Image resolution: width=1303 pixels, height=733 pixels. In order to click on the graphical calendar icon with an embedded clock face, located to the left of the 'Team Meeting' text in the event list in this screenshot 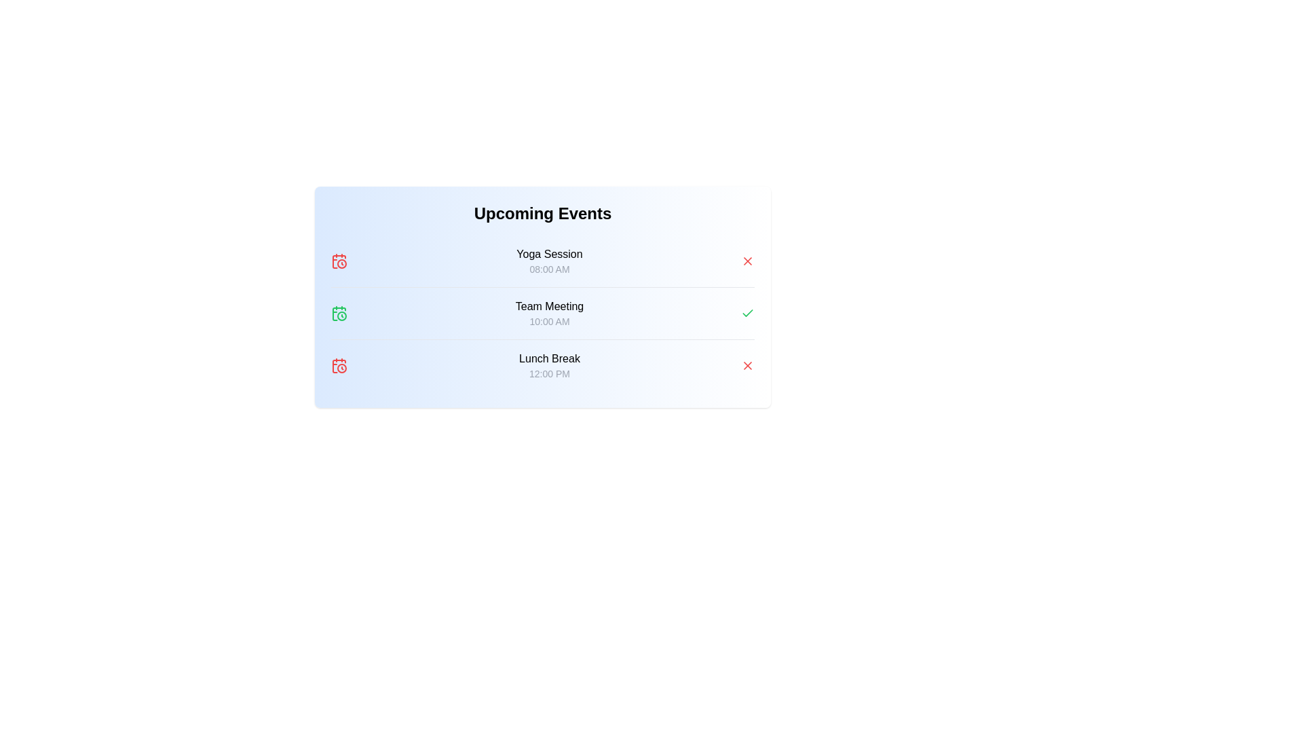, I will do `click(339, 314)`.